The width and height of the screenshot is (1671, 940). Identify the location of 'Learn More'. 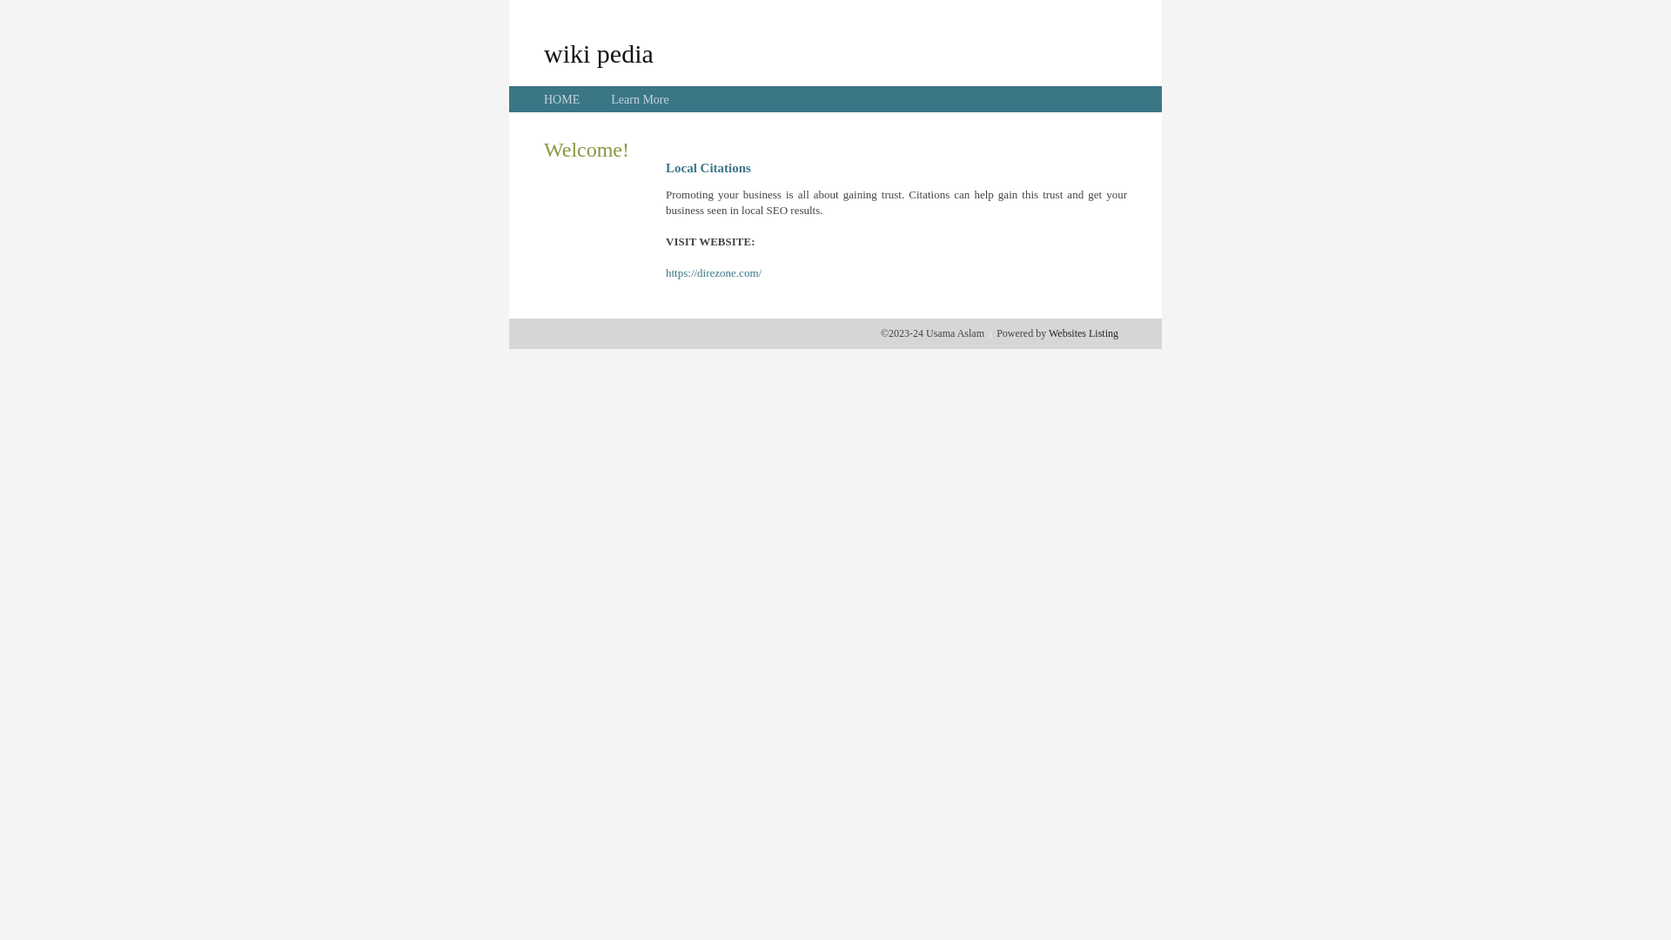
(610, 99).